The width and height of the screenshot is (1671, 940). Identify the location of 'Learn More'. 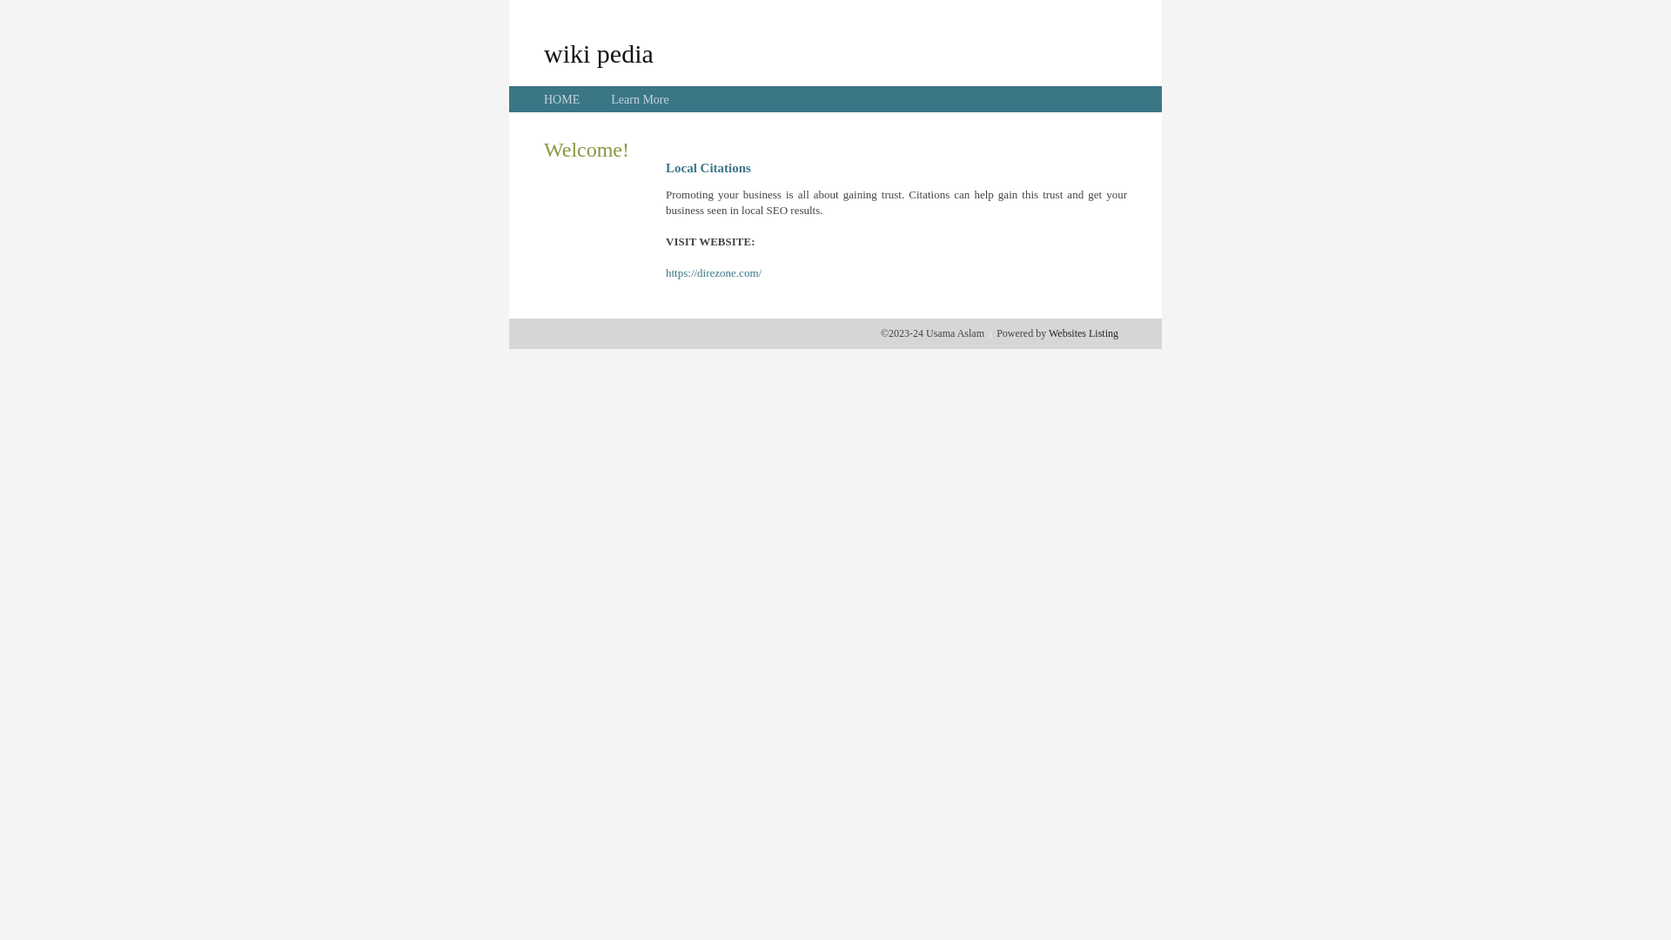
(610, 99).